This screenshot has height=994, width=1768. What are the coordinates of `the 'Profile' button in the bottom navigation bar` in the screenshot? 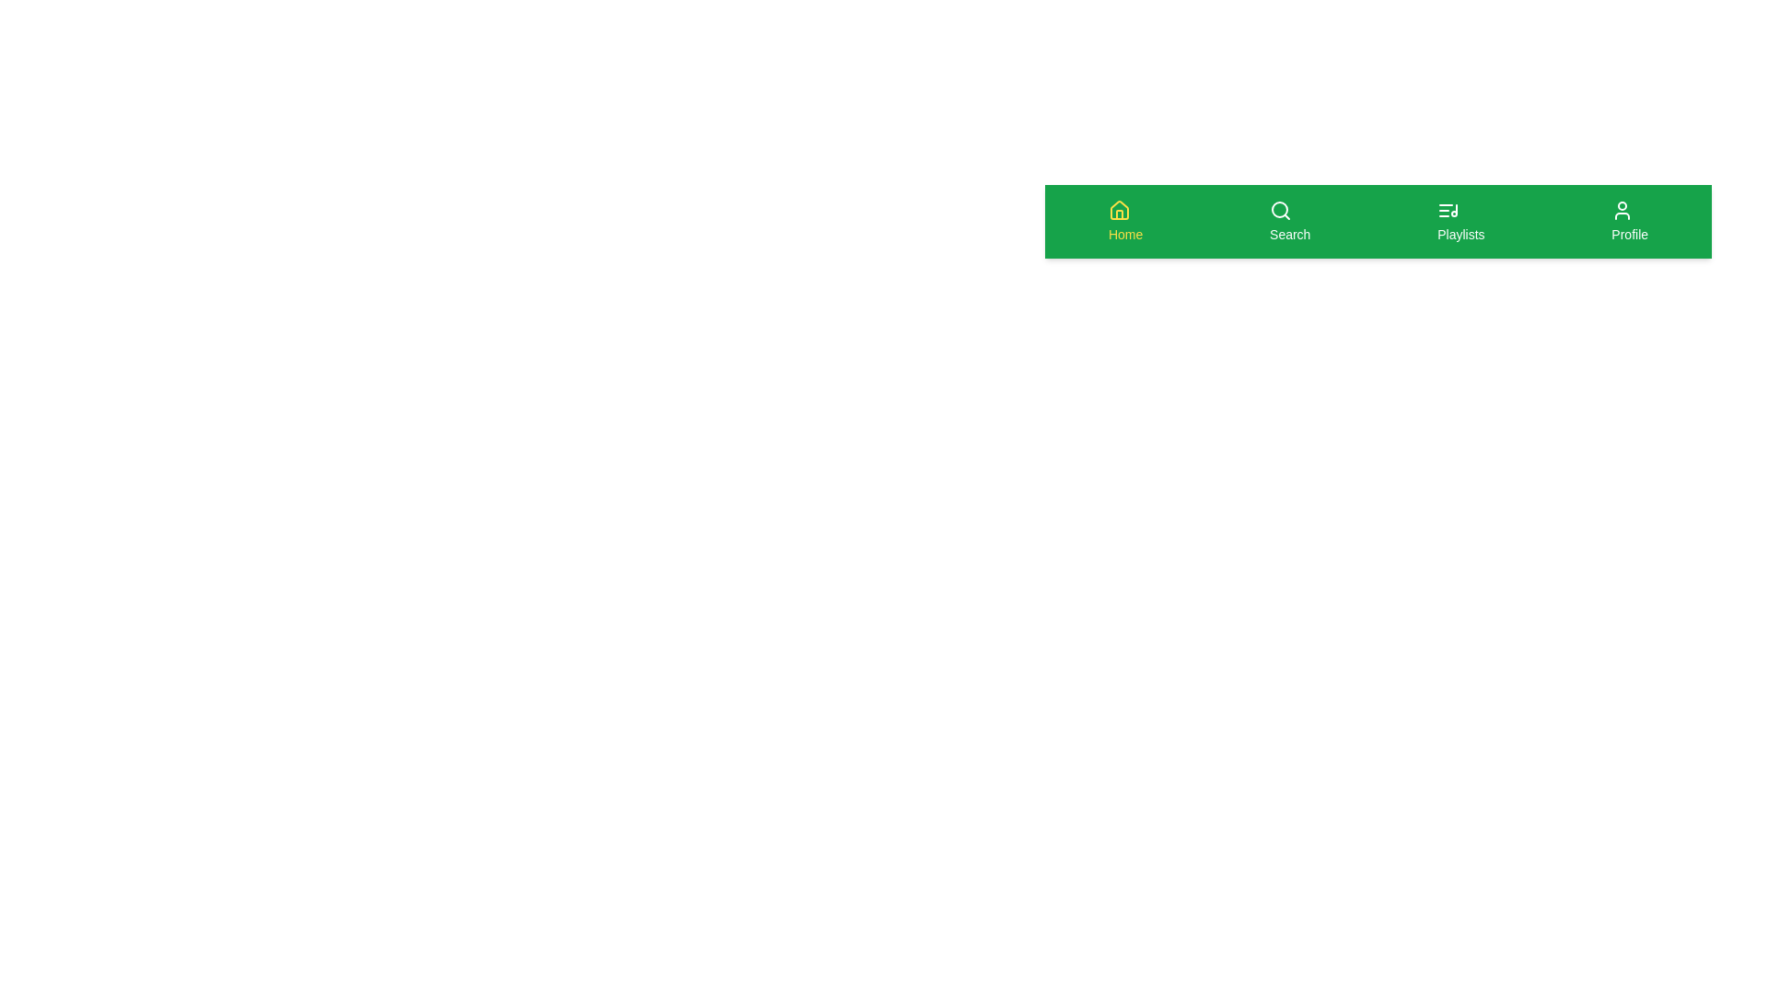 It's located at (1630, 220).